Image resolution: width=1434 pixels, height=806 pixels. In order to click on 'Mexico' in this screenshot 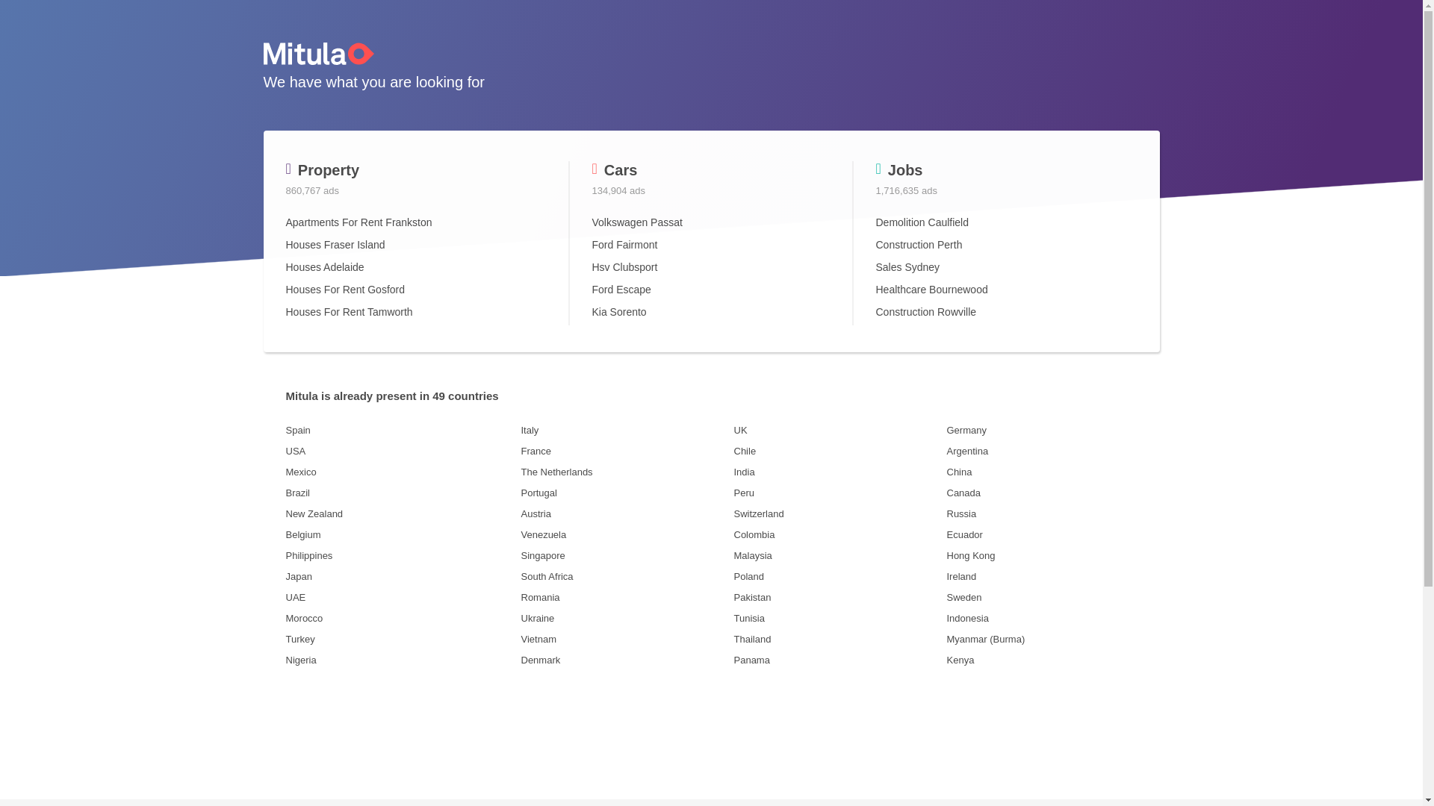, I will do `click(285, 472)`.